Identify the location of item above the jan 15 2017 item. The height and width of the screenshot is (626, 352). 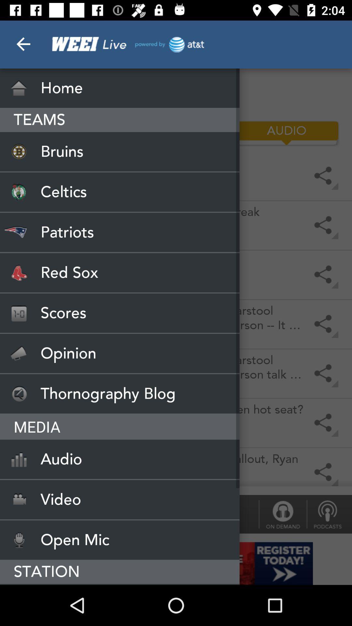
(120, 313).